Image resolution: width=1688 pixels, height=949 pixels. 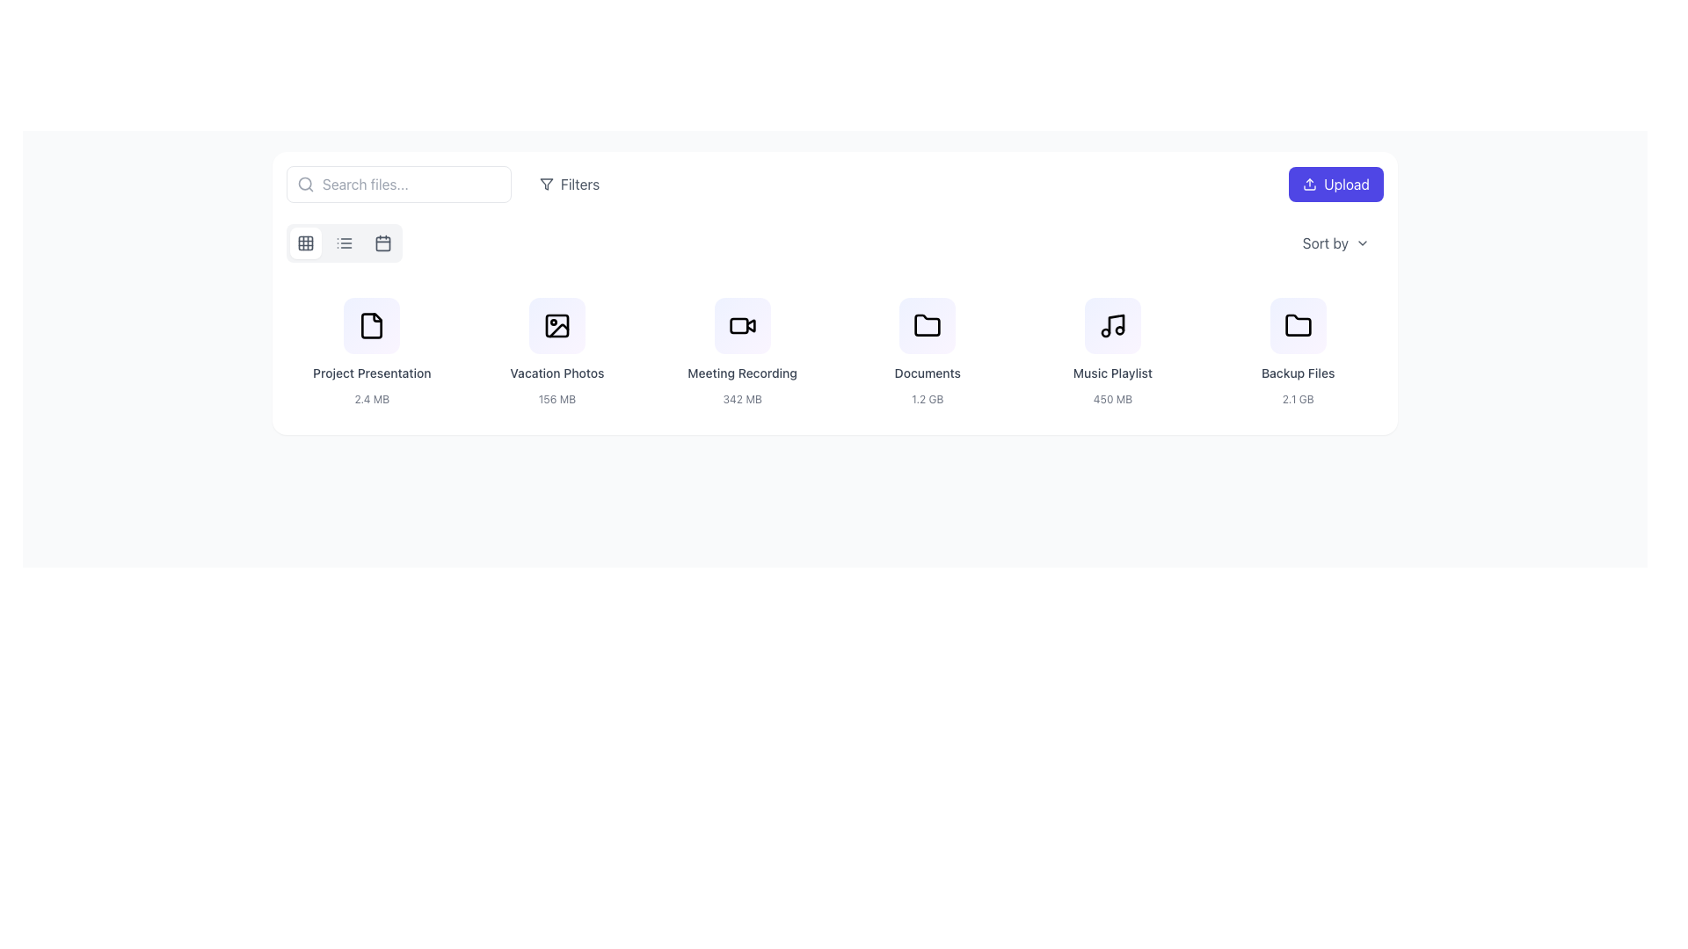 I want to click on displayed text of the 'Documents' label located underneath the folder icon in the 'Documents' section, so click(x=927, y=372).